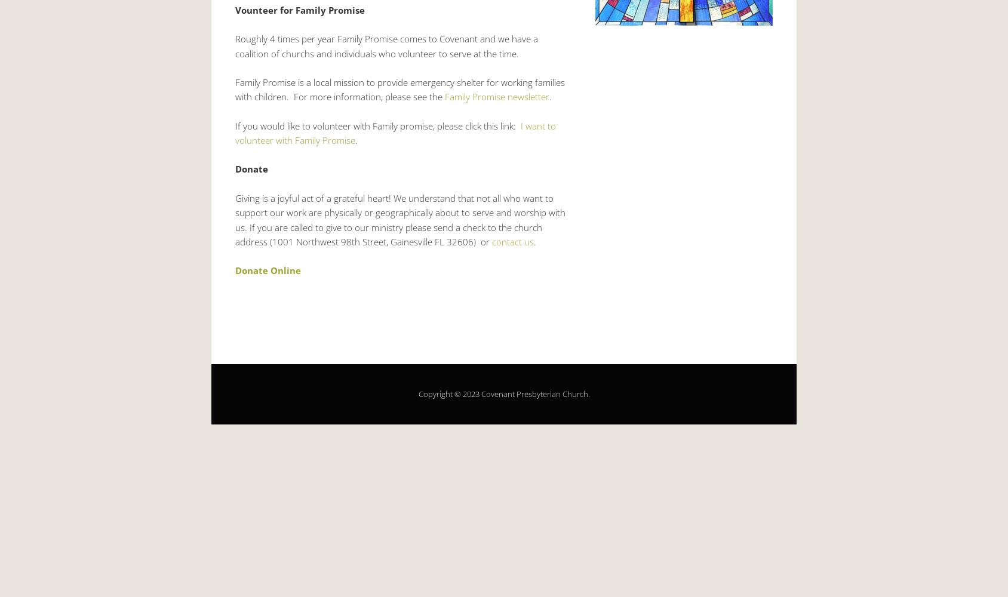 Image resolution: width=1008 pixels, height=597 pixels. I want to click on 'contact us', so click(512, 241).